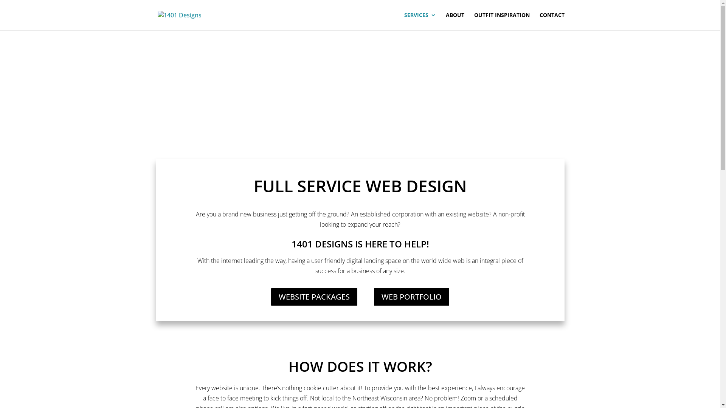 The height and width of the screenshot is (408, 726). I want to click on 'OUTFIT INSPIRATION', so click(502, 21).